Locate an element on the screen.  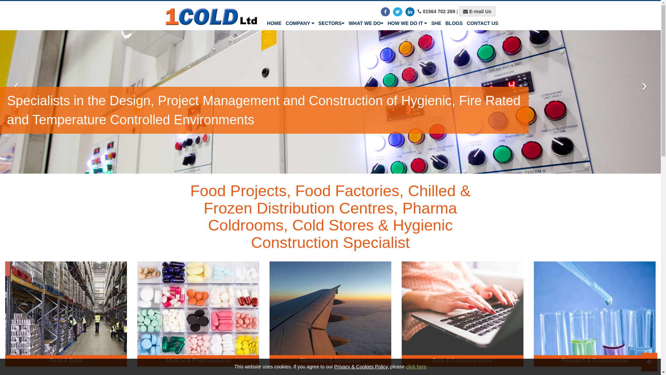
'SECTORS' is located at coordinates (331, 23).